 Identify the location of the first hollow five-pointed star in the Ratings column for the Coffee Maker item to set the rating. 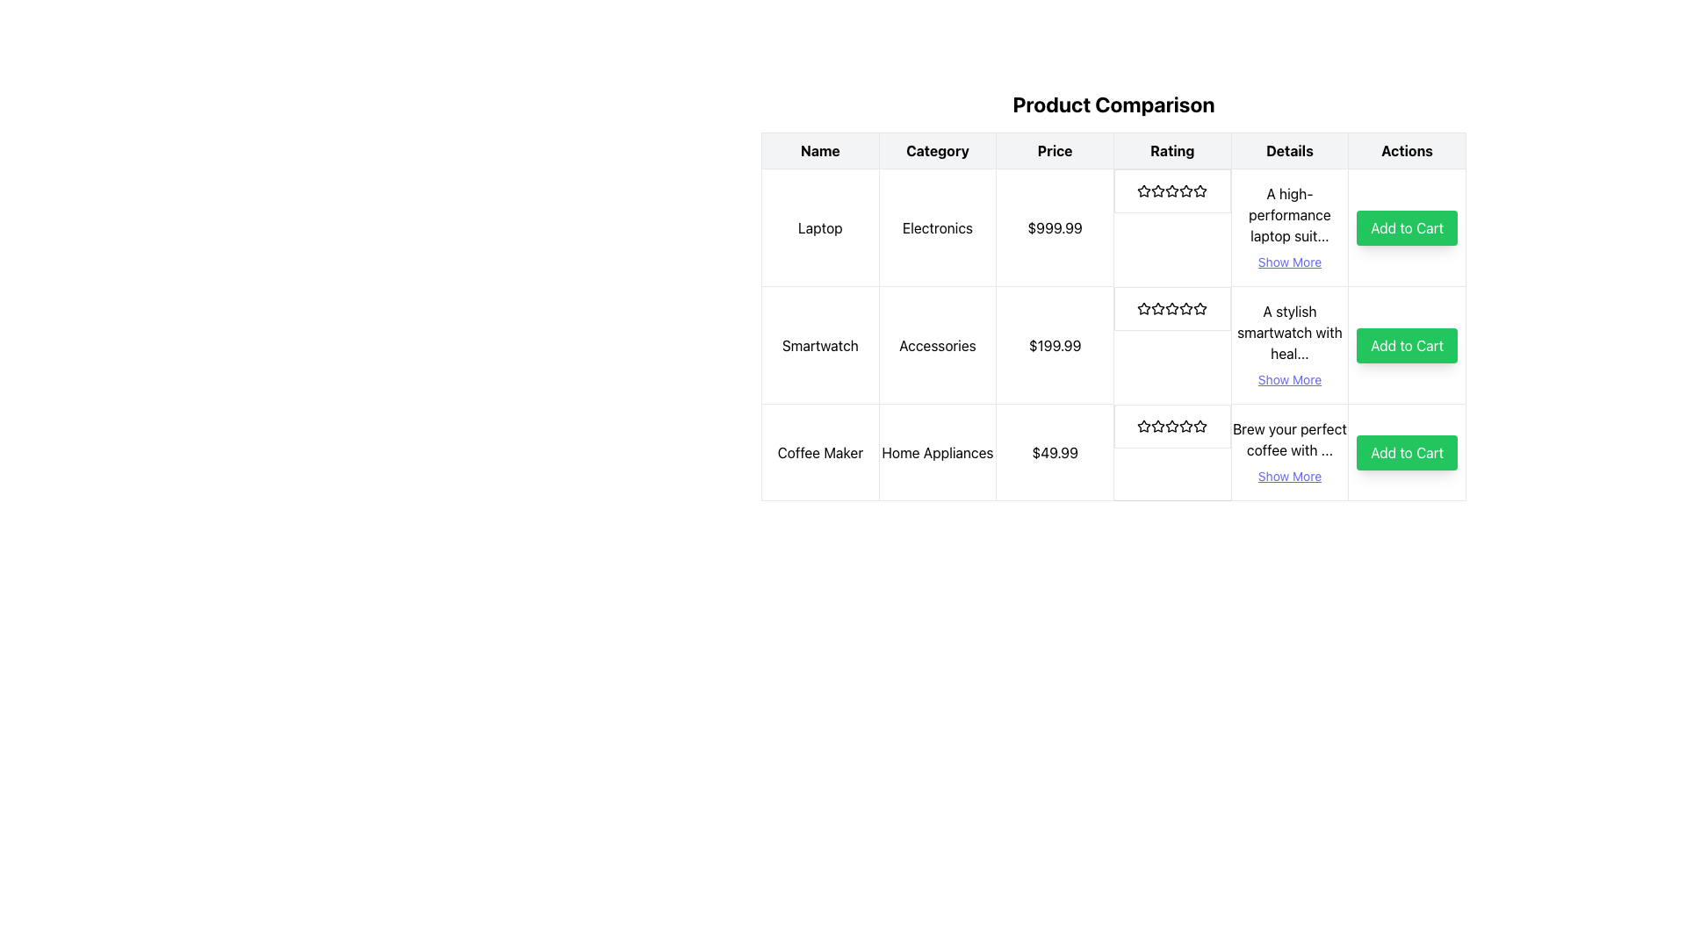
(1158, 426).